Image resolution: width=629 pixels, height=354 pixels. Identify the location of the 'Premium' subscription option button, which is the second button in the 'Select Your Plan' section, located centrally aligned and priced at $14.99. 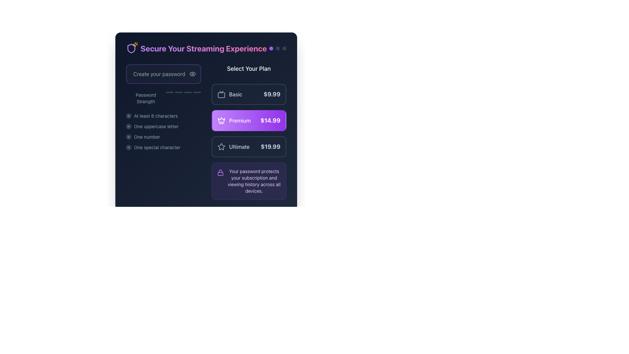
(248, 120).